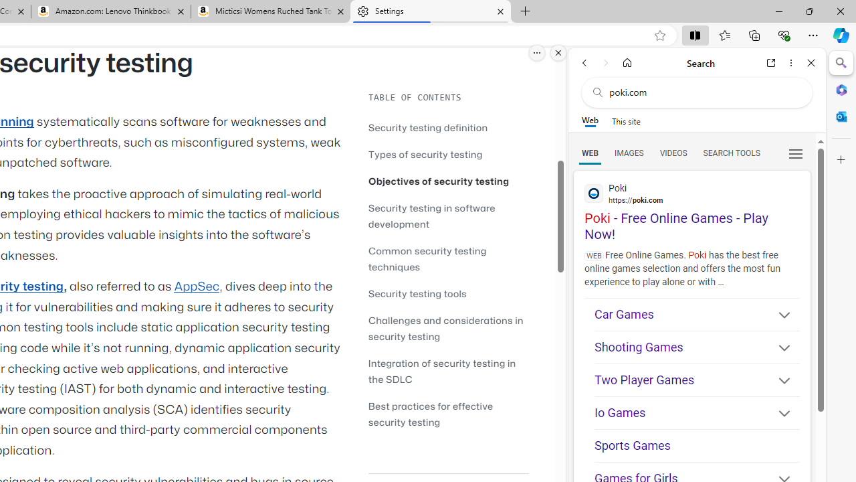 The image size is (856, 482). I want to click on 'Objectives of security testing', so click(439, 181).